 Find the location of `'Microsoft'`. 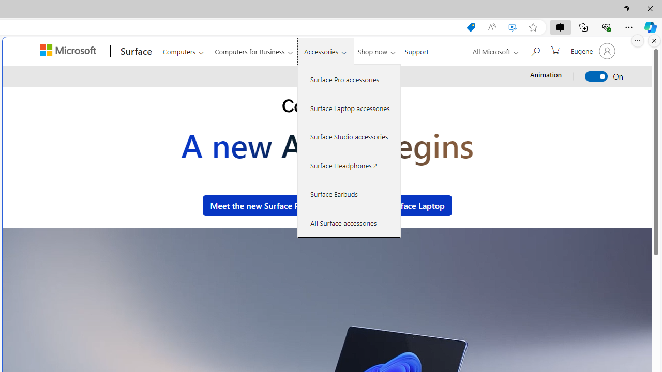

'Microsoft' is located at coordinates (69, 51).